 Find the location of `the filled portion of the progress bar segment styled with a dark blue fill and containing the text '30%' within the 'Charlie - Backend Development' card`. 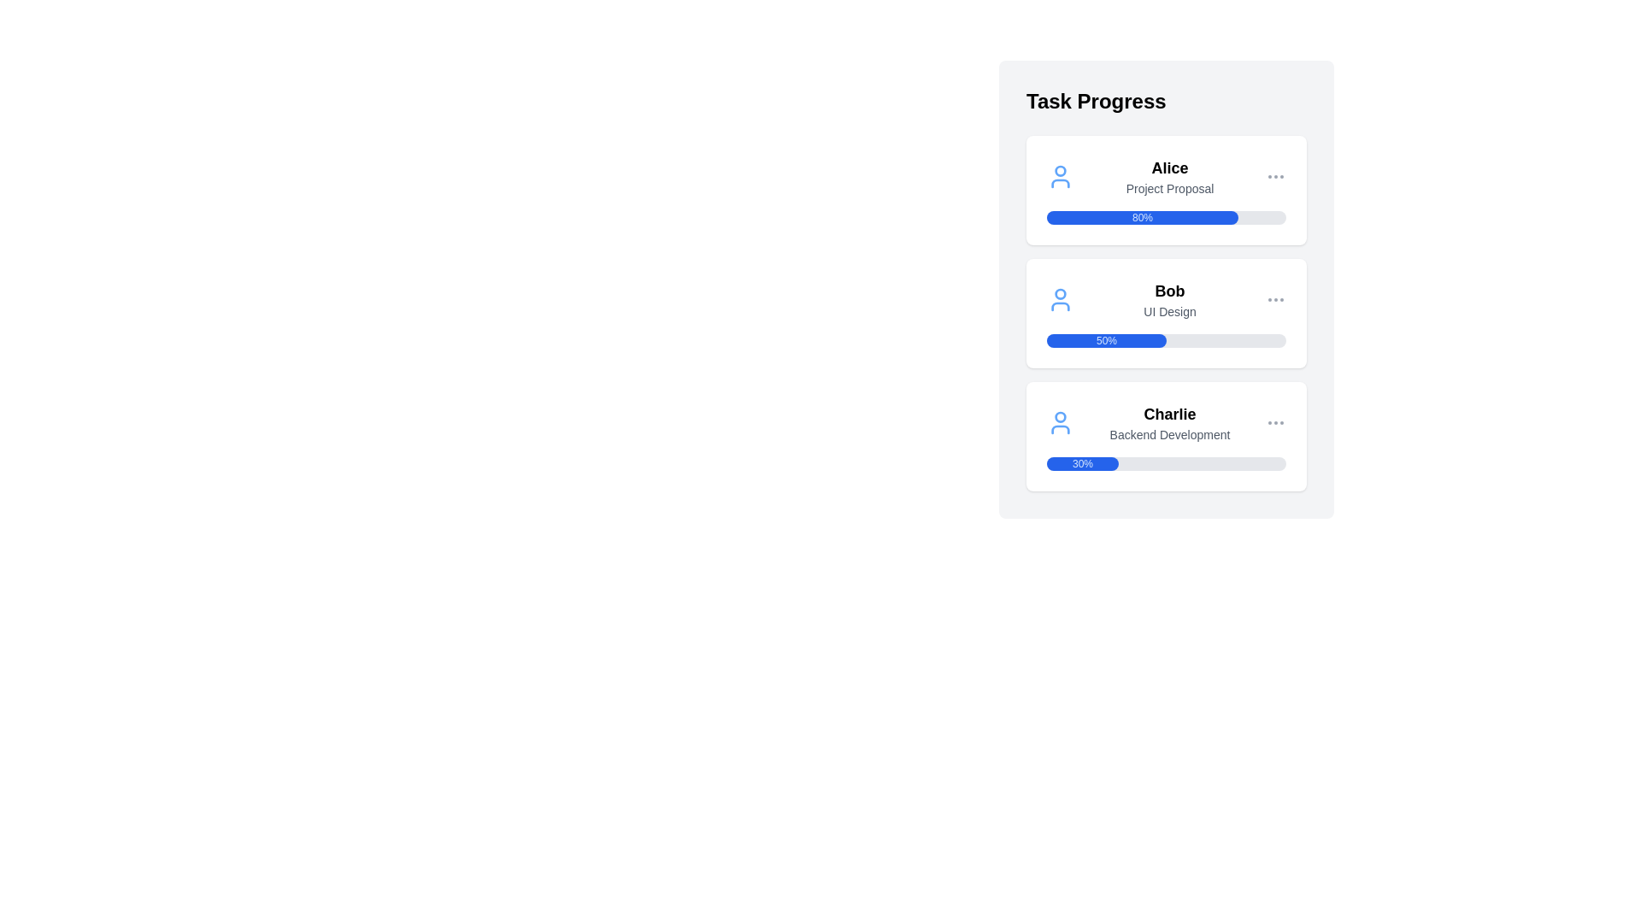

the filled portion of the progress bar segment styled with a dark blue fill and containing the text '30%' within the 'Charlie - Backend Development' card is located at coordinates (1082, 464).